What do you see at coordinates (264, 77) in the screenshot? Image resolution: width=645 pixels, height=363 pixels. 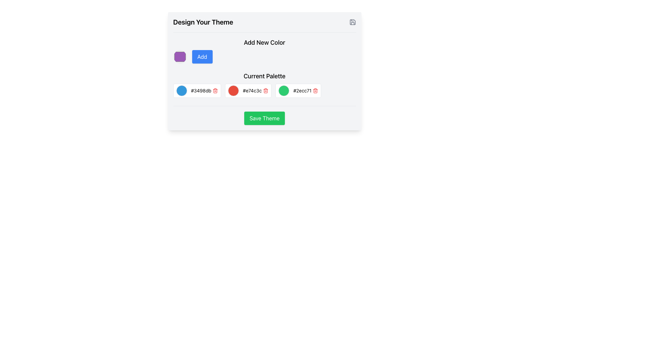 I see `the 'Current Palette' static text label, which is styled with a larger, bold font and serves as a section title between color addition options and a palette display` at bounding box center [264, 77].